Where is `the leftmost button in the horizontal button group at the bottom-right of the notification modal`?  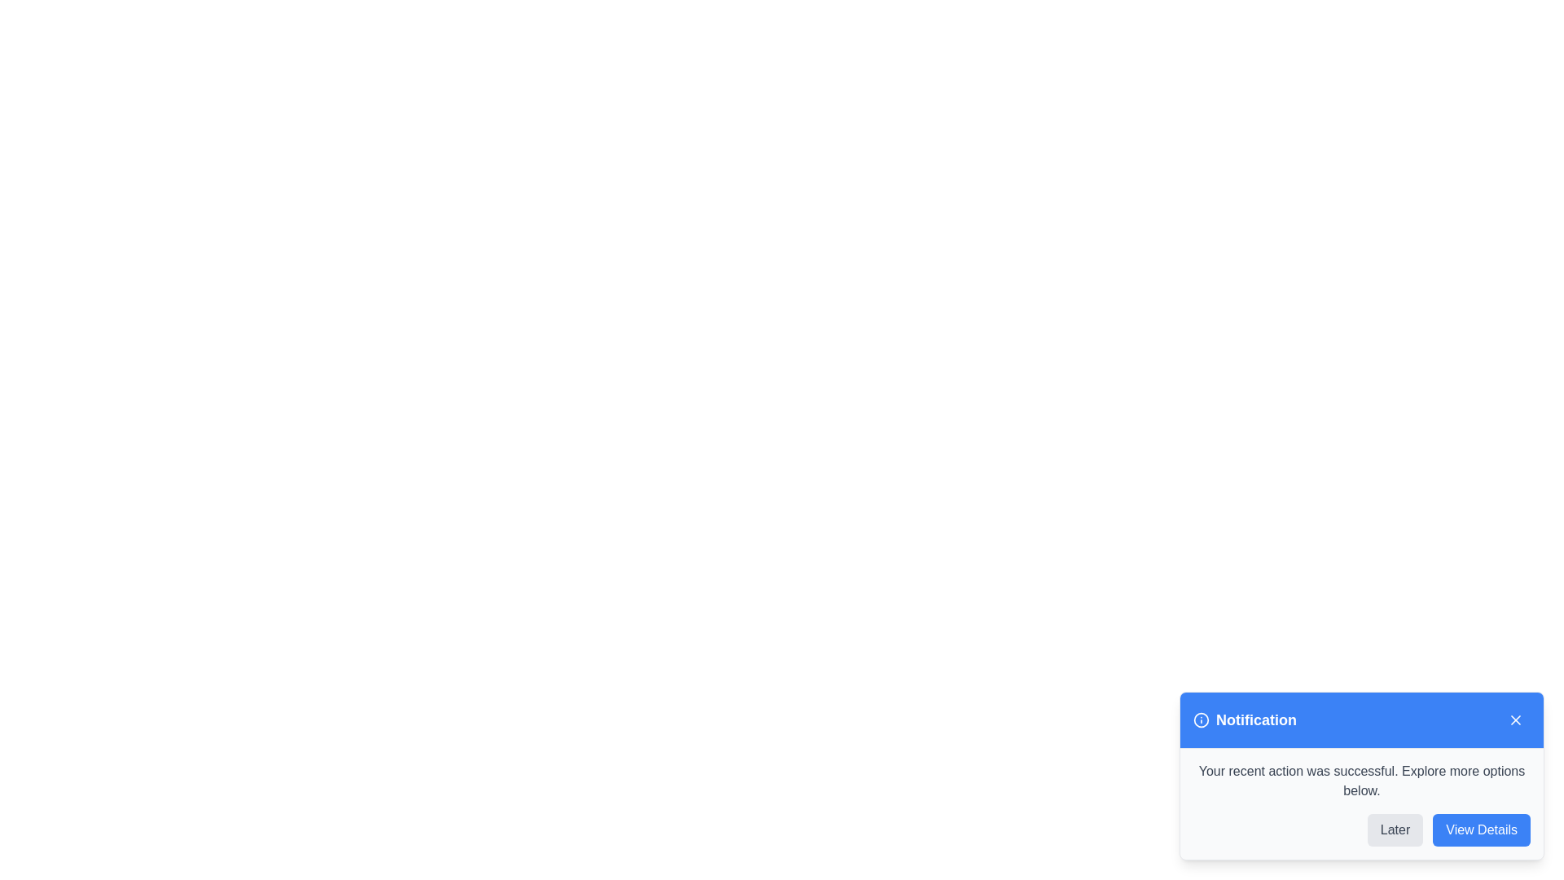
the leftmost button in the horizontal button group at the bottom-right of the notification modal is located at coordinates (1395, 829).